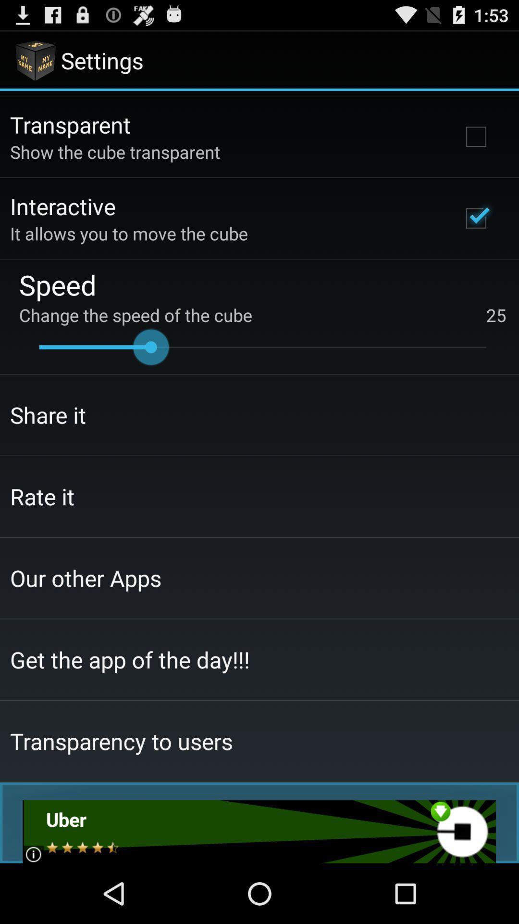 The height and width of the screenshot is (924, 519). What do you see at coordinates (262, 315) in the screenshot?
I see `change the speed item` at bounding box center [262, 315].